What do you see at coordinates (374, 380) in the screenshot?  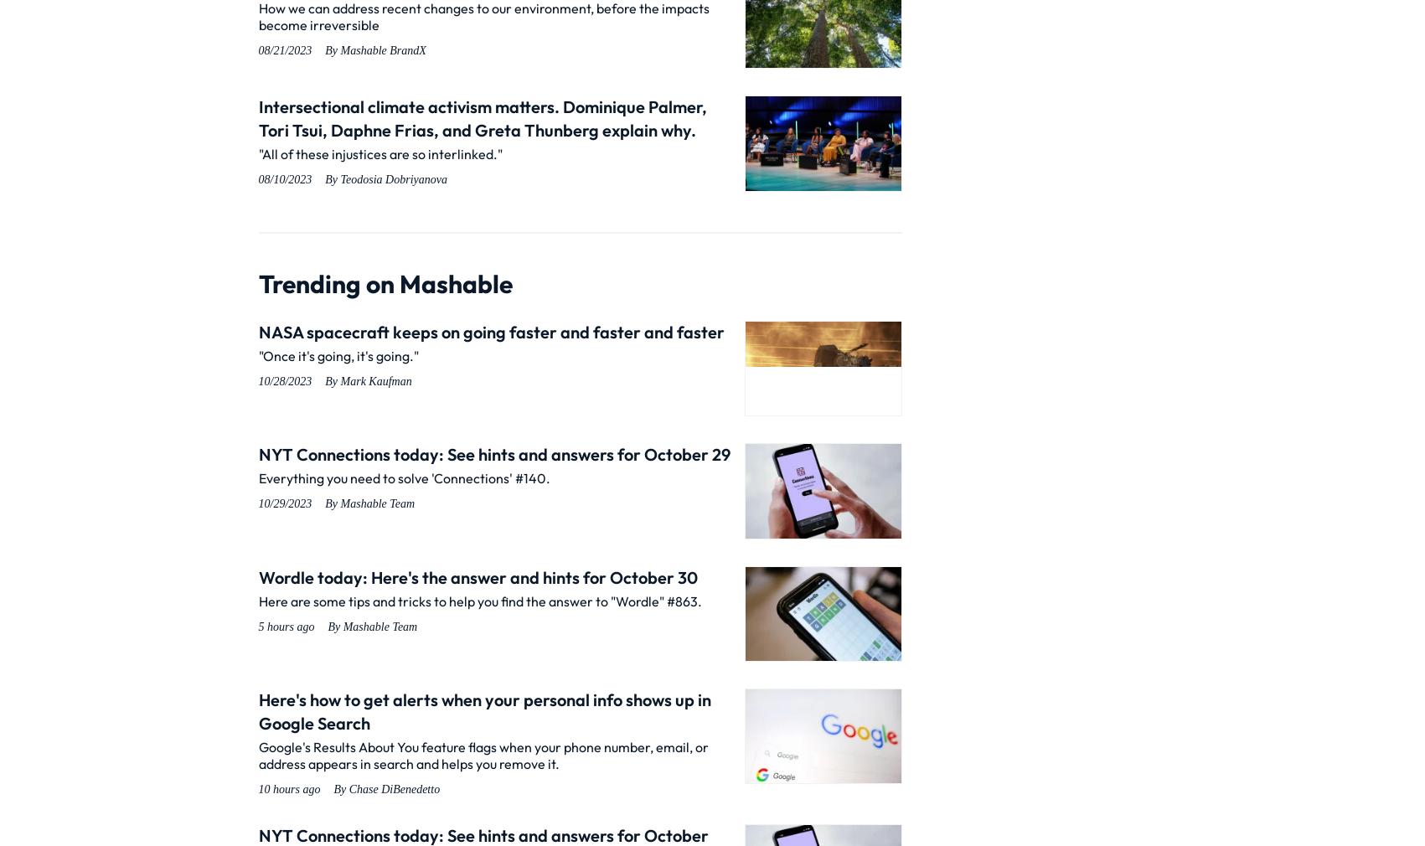 I see `'Mark Kaufman'` at bounding box center [374, 380].